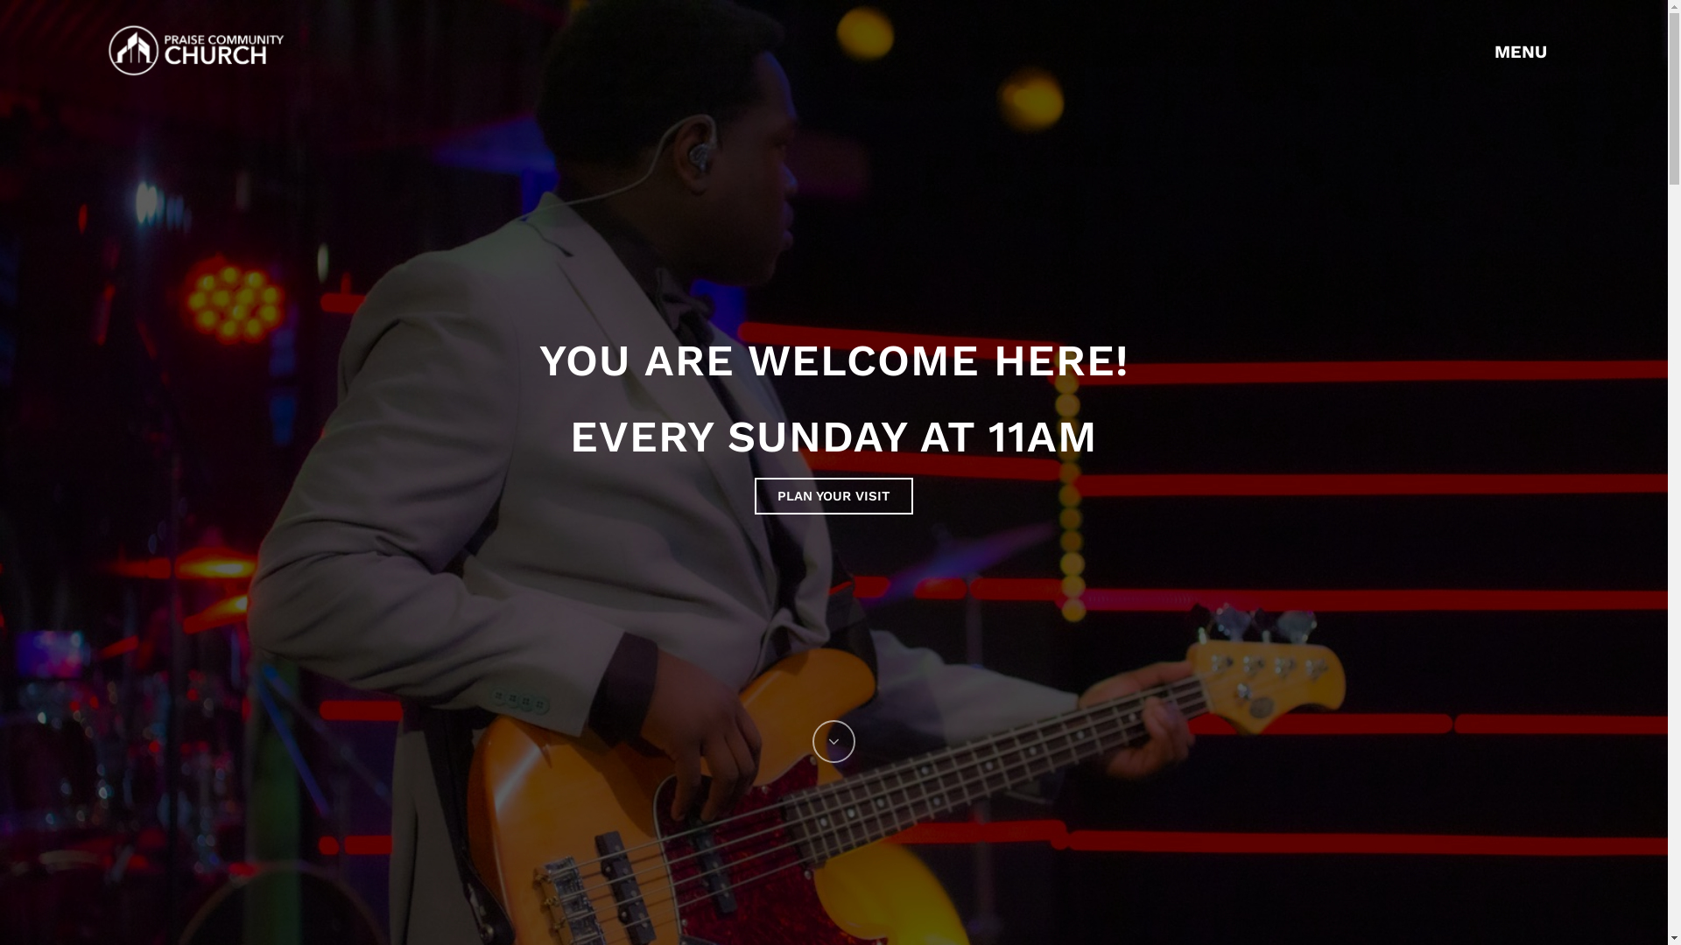  Describe the element at coordinates (833, 496) in the screenshot. I see `'PLAN YOUR VISIT'` at that location.